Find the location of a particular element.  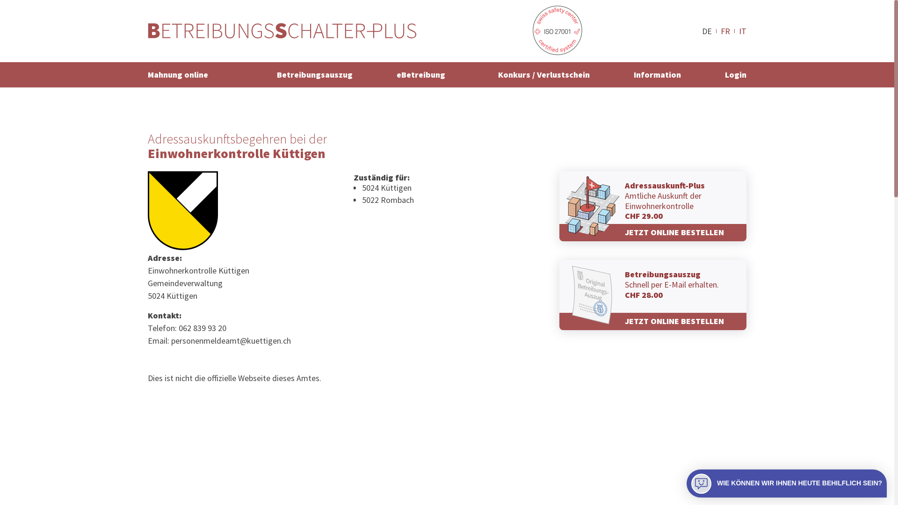

'Mahnung online' is located at coordinates (180, 74).